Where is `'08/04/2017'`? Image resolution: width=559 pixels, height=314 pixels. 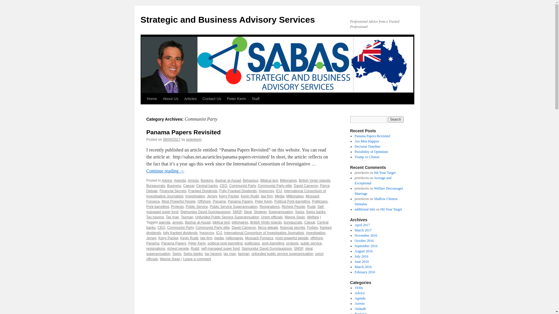
'08/04/2017' is located at coordinates (171, 139).